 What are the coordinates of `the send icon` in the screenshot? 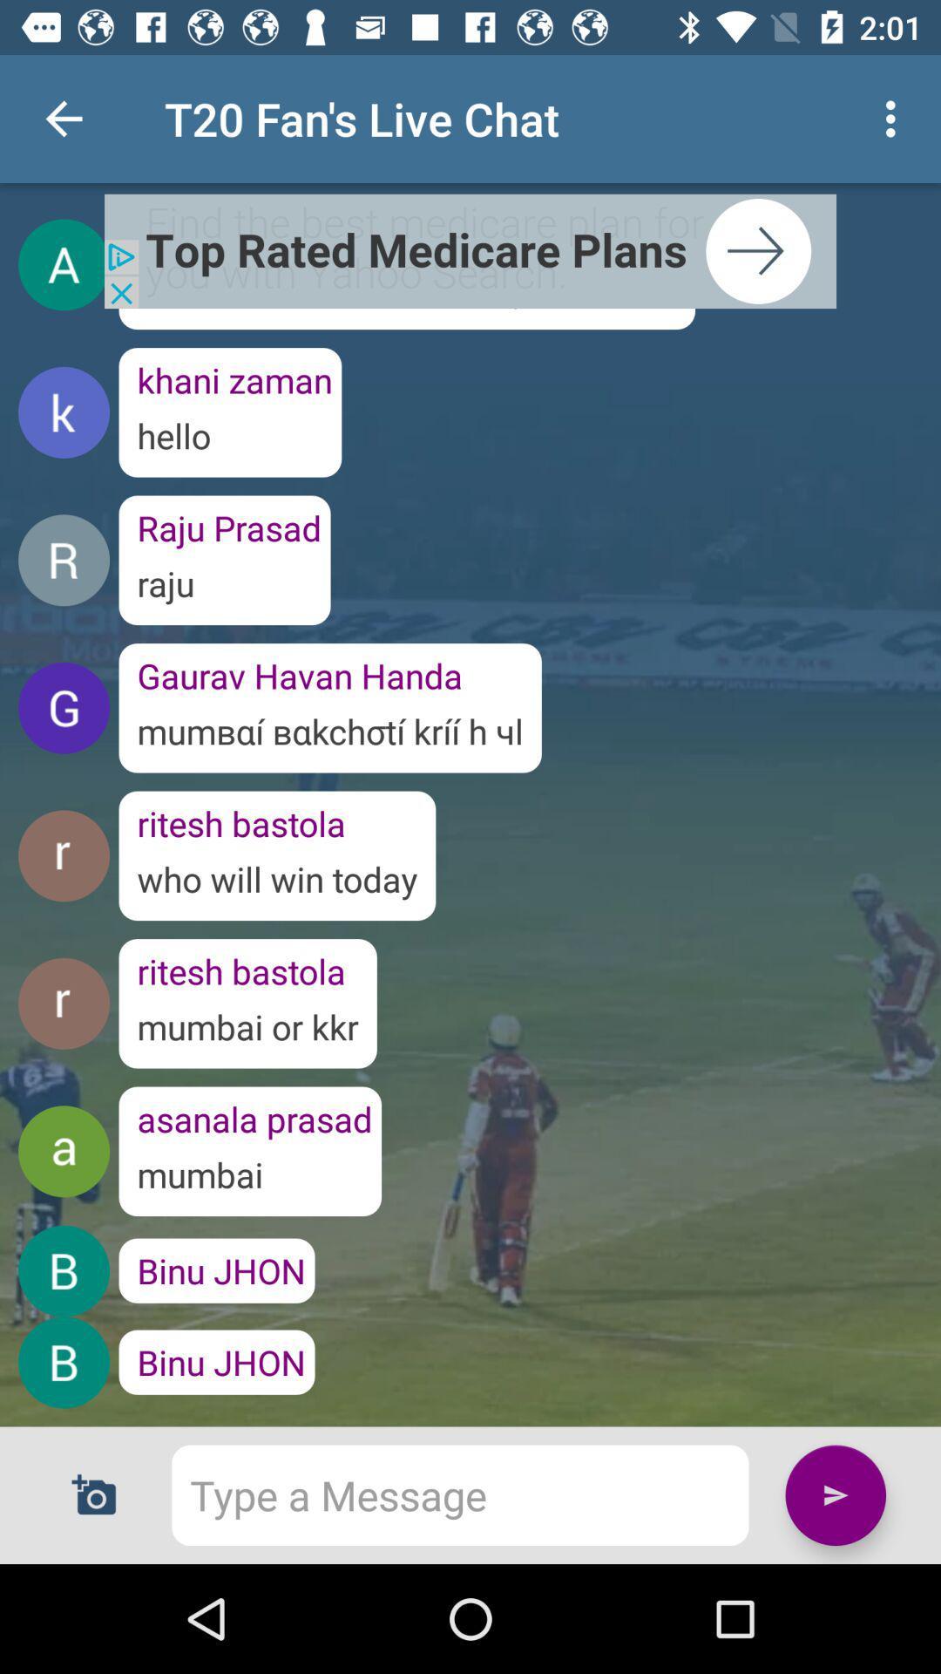 It's located at (835, 1494).